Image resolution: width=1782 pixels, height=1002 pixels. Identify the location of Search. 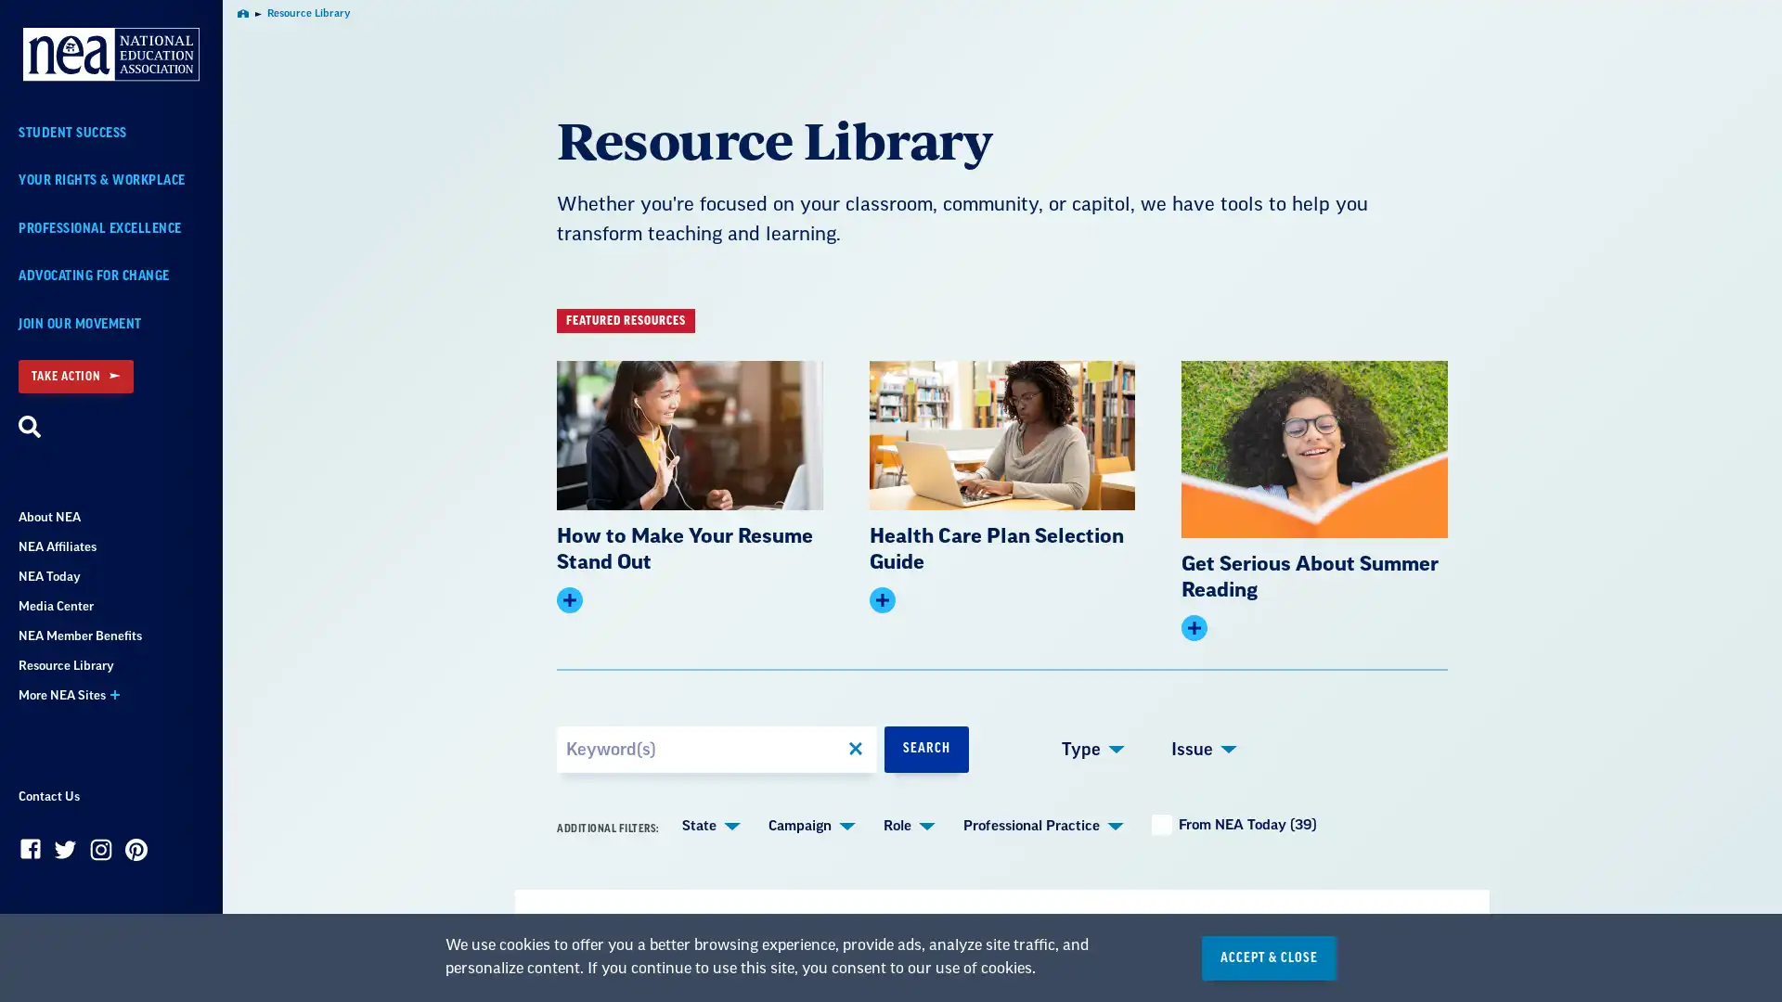
(30, 428).